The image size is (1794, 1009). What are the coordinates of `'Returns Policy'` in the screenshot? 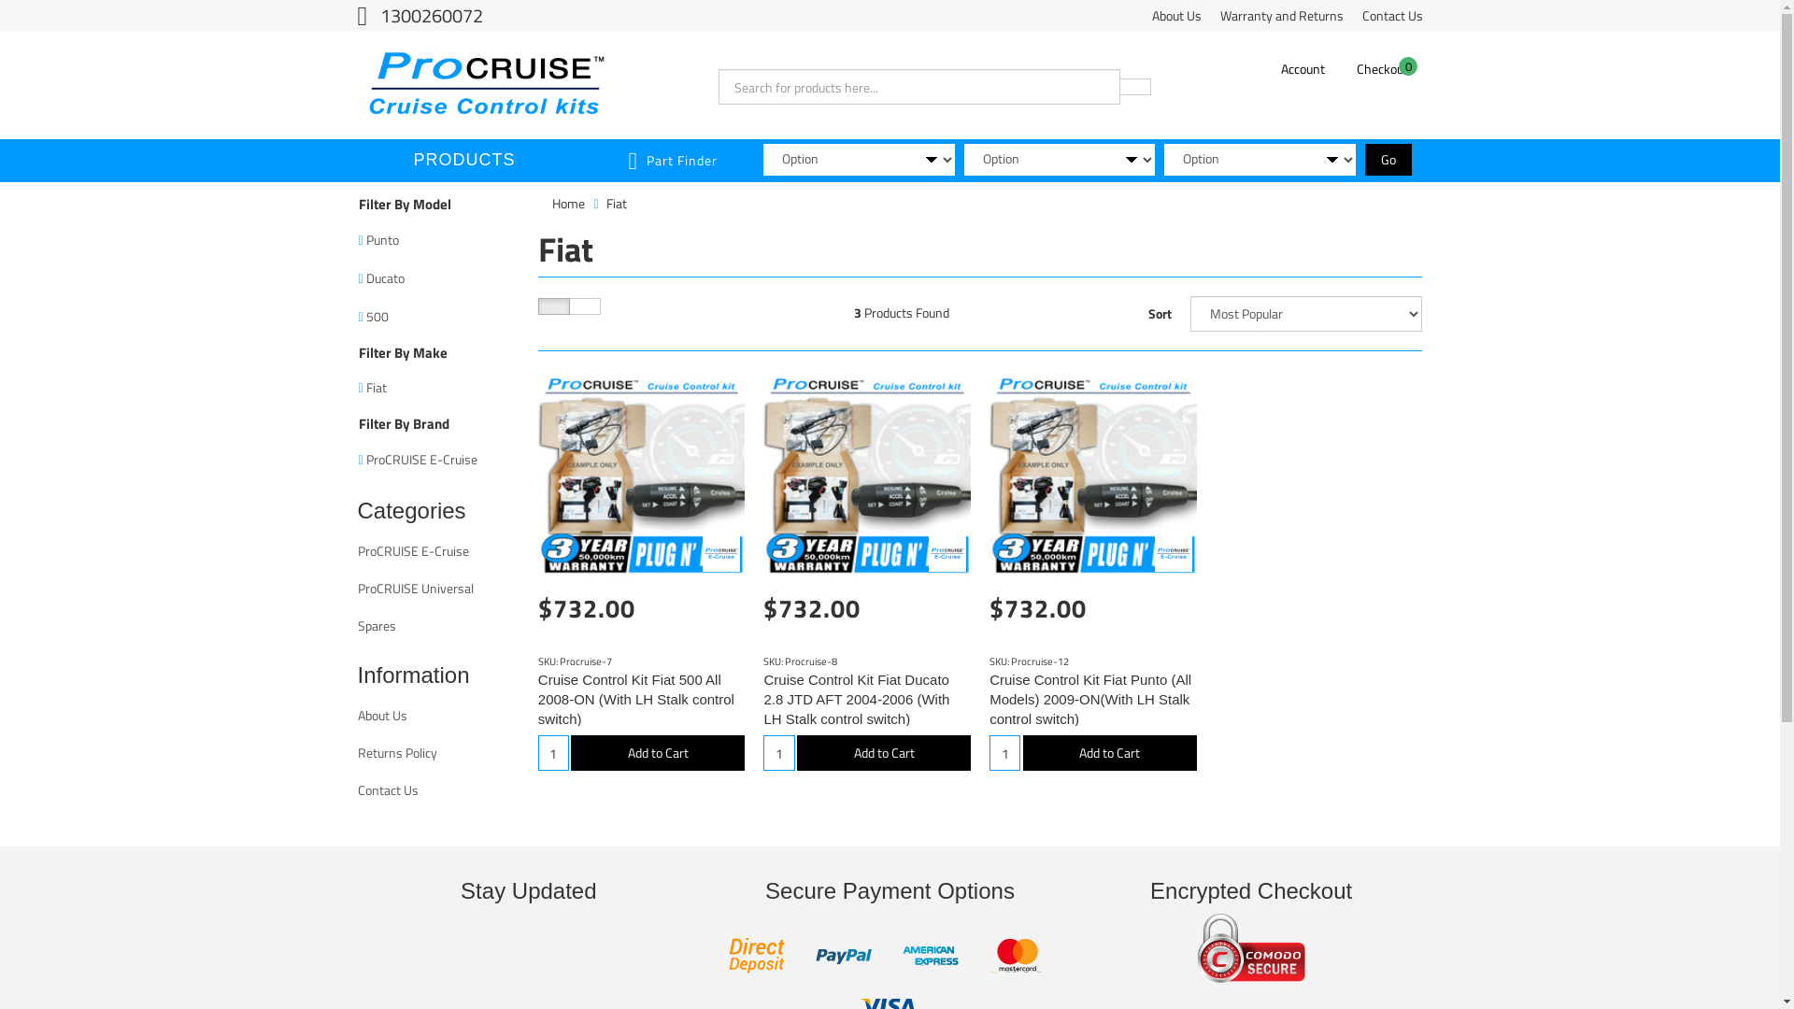 It's located at (436, 752).